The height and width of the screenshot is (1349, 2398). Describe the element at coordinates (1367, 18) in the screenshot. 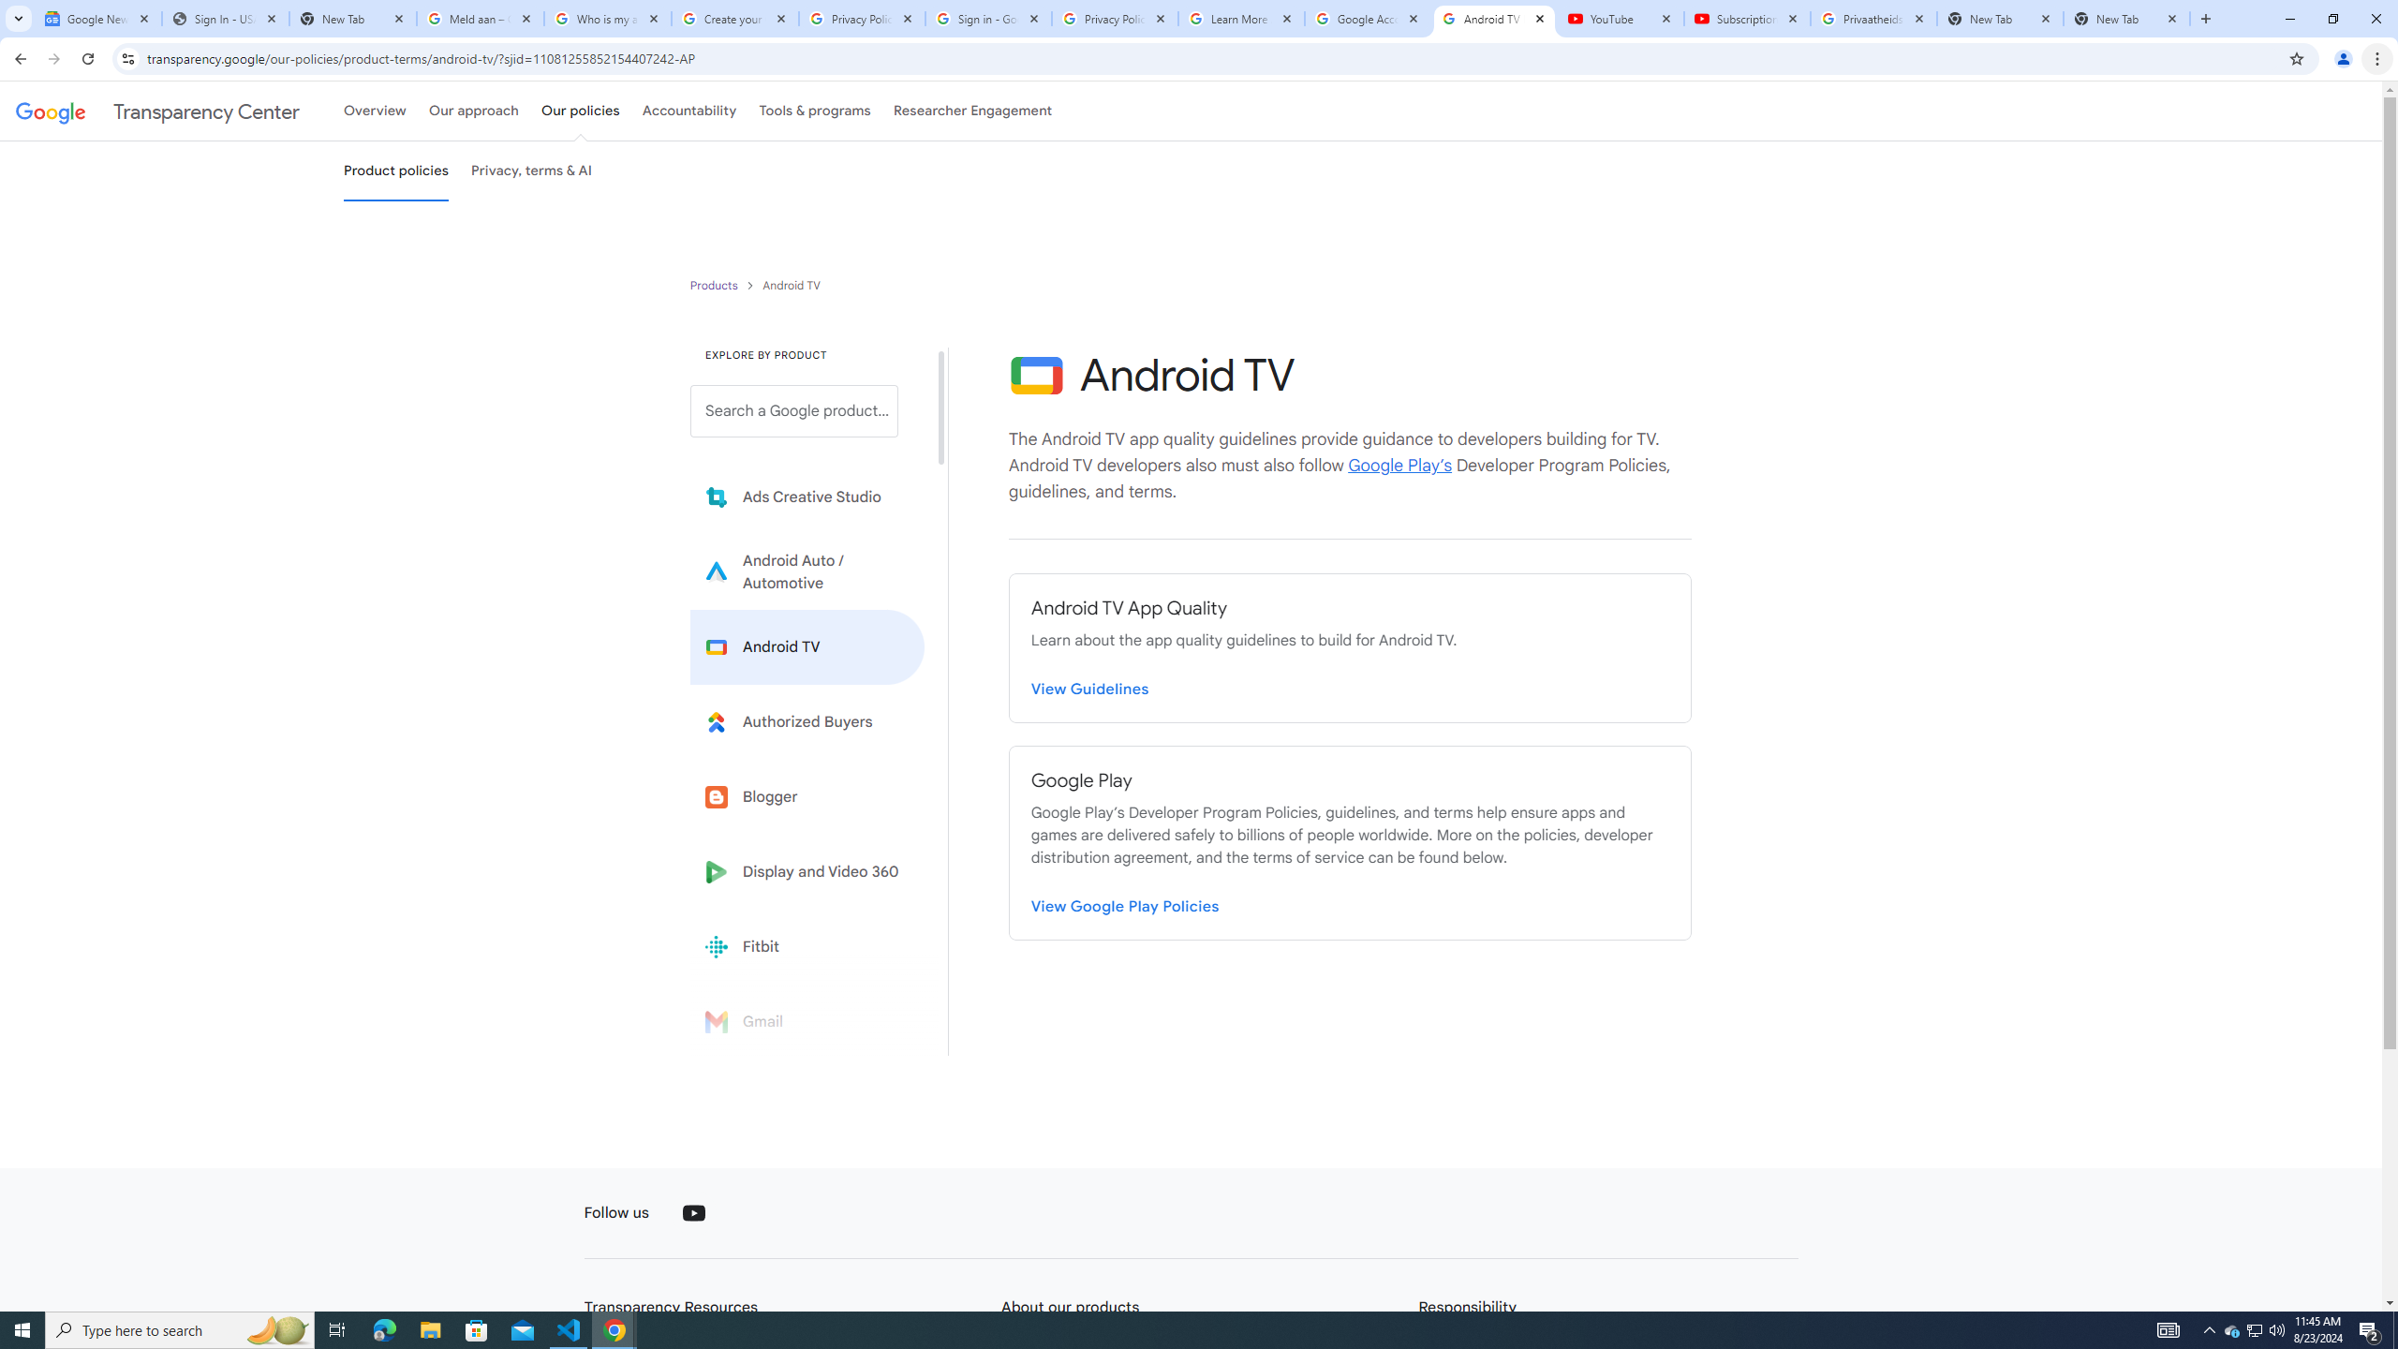

I see `'Google Account'` at that location.